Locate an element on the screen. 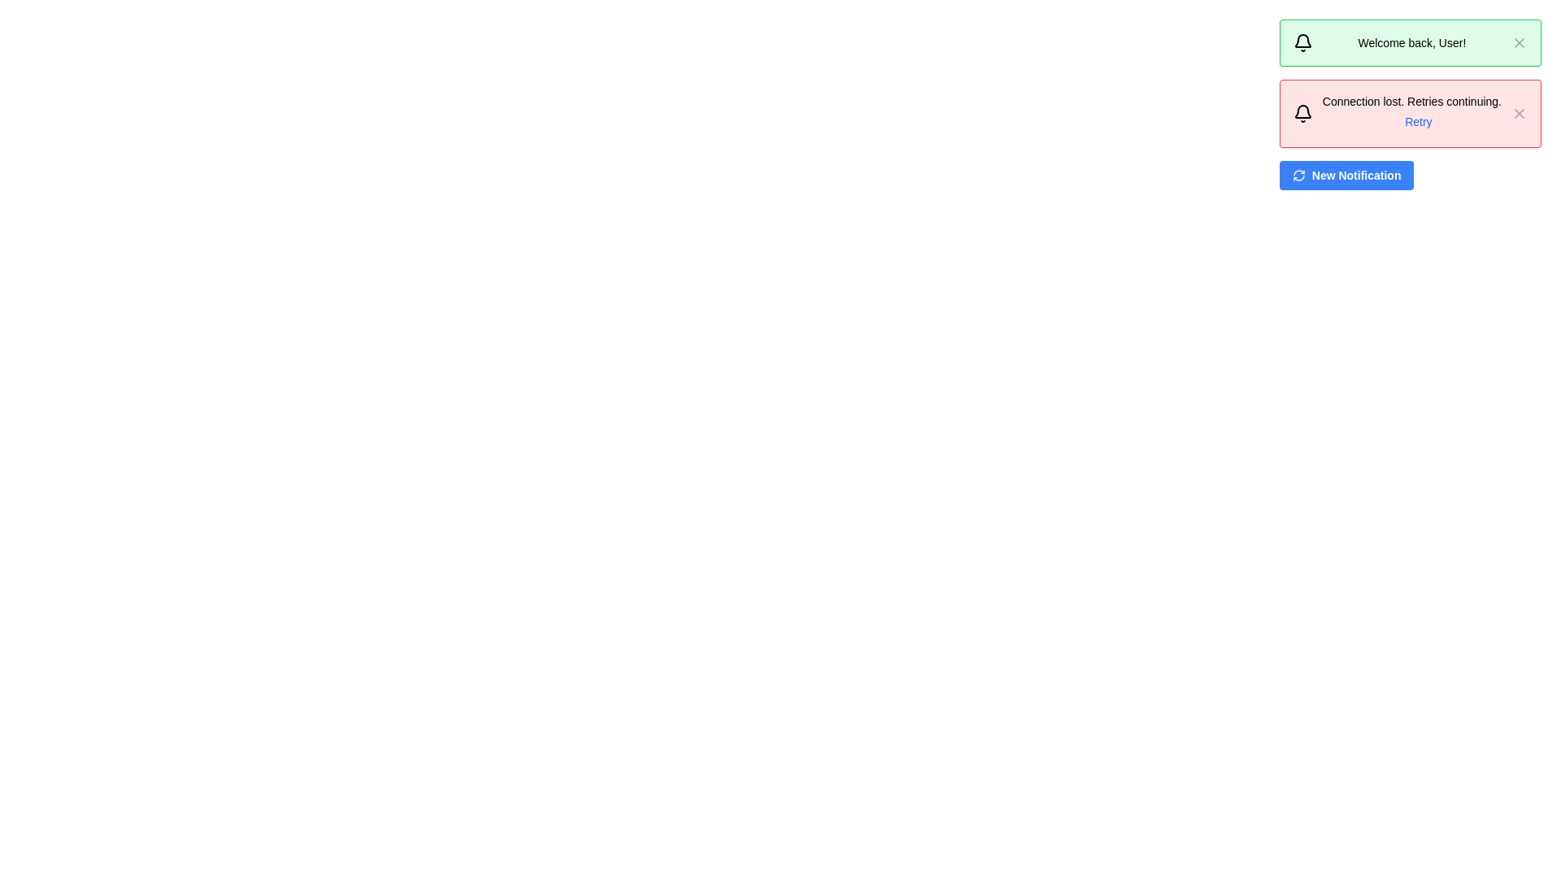 The height and width of the screenshot is (878, 1561). the 'Retry' button, which is styled in blue and is the only interactive component in the second notification card below the green notification titled 'Welcome back, User!' is located at coordinates (1409, 112).